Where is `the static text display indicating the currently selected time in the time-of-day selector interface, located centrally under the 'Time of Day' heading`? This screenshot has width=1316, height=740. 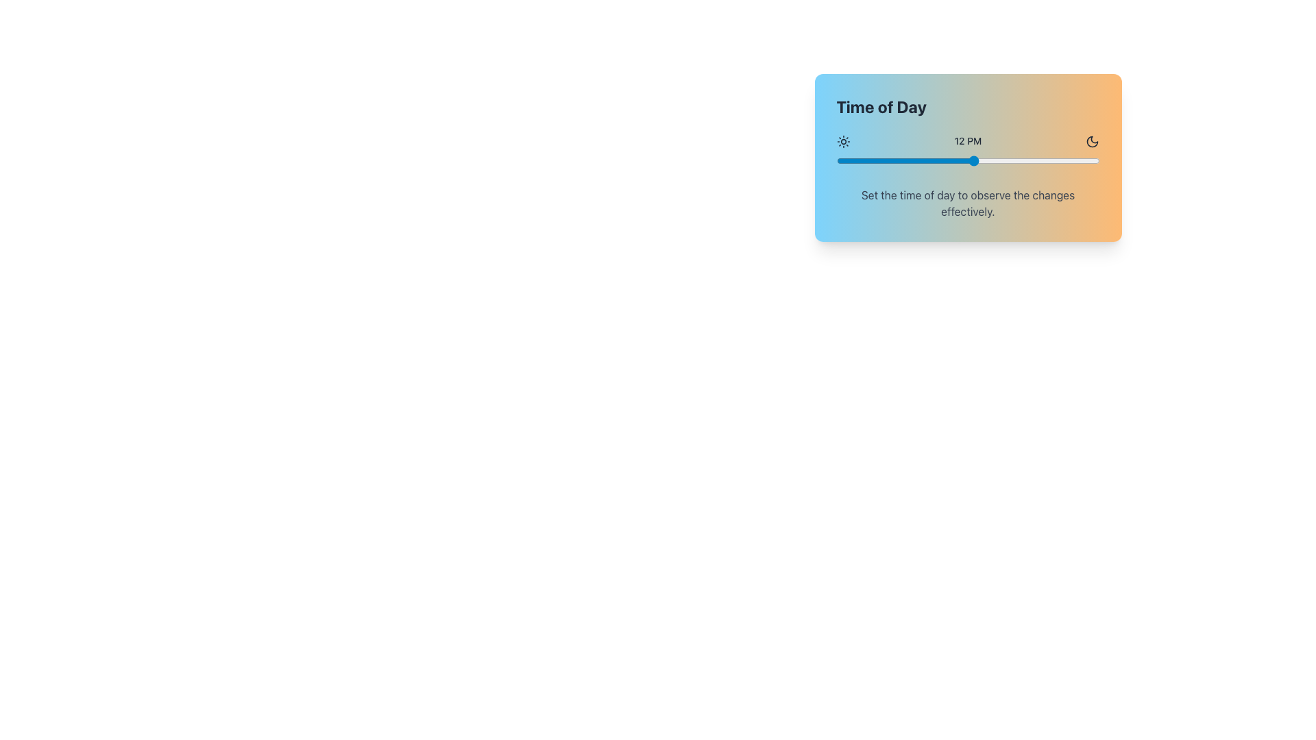
the static text display indicating the currently selected time in the time-of-day selector interface, located centrally under the 'Time of Day' heading is located at coordinates (967, 141).